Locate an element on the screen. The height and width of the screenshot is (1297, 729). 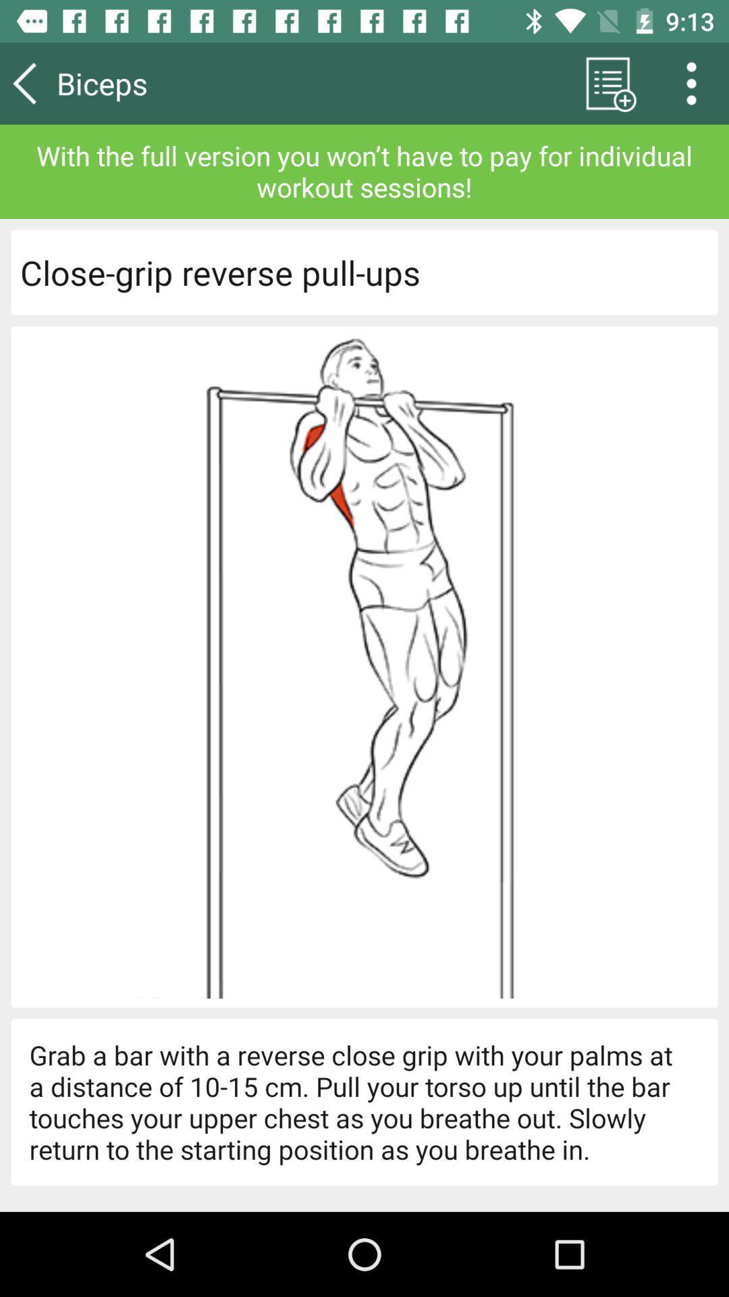
the biceps item is located at coordinates (140, 82).